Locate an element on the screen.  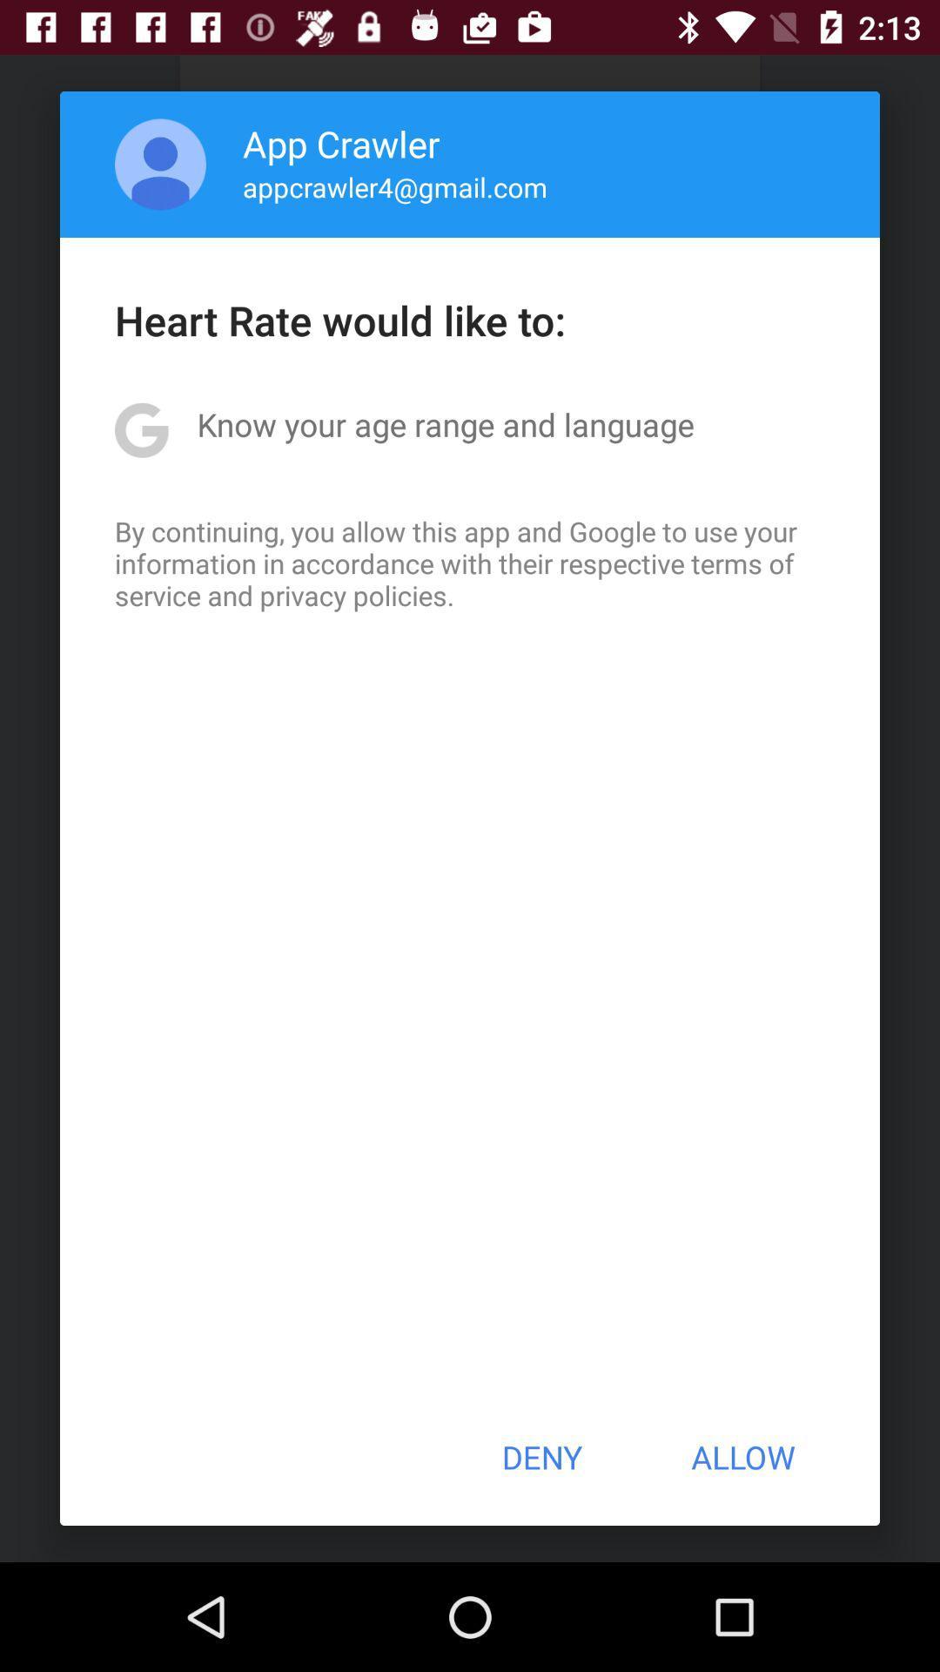
the deny is located at coordinates (540, 1457).